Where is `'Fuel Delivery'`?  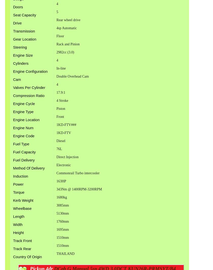
'Fuel Delivery' is located at coordinates (24, 160).